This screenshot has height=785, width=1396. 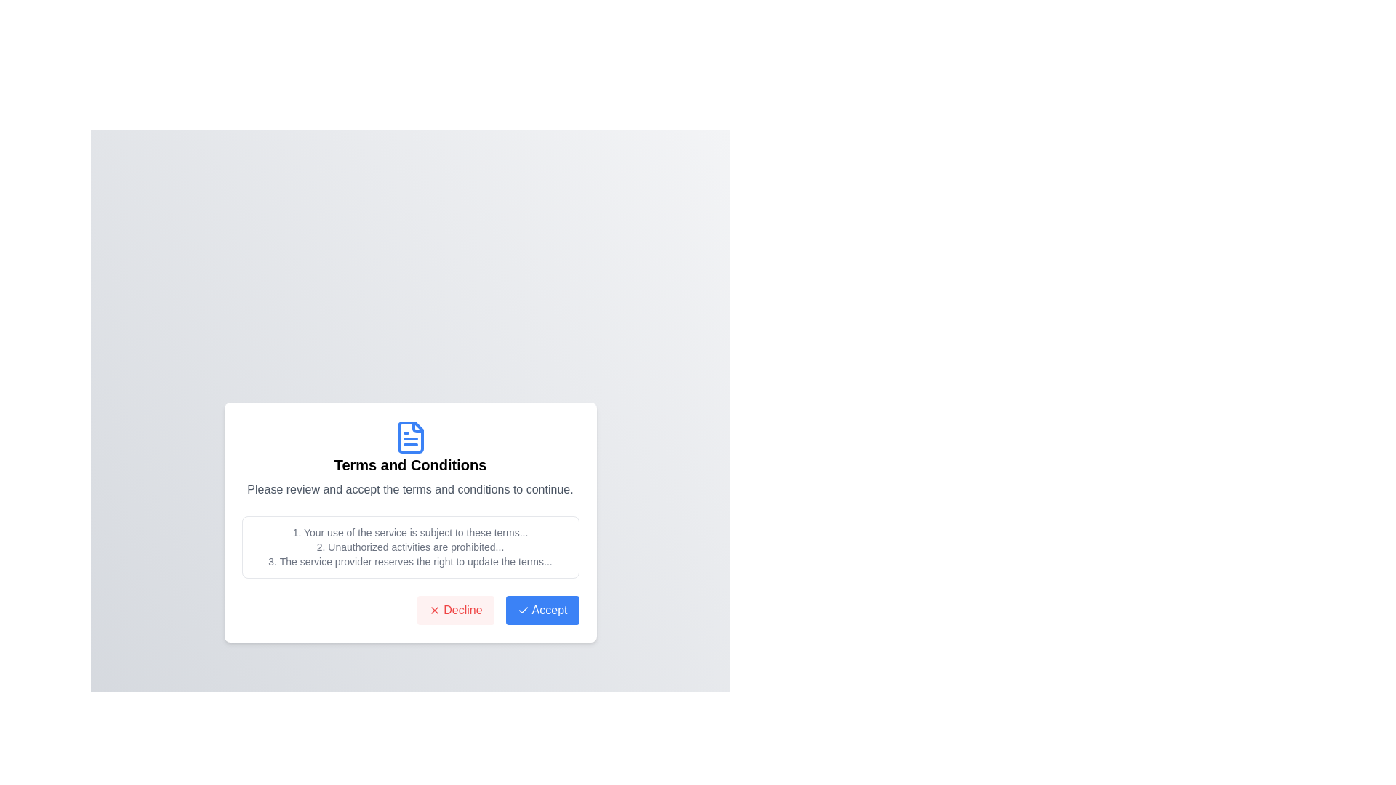 I want to click on static informational text displaying 'Please review and accept the terms and conditions to continue.' located below the 'Terms and Conditions' header, so click(x=409, y=490).